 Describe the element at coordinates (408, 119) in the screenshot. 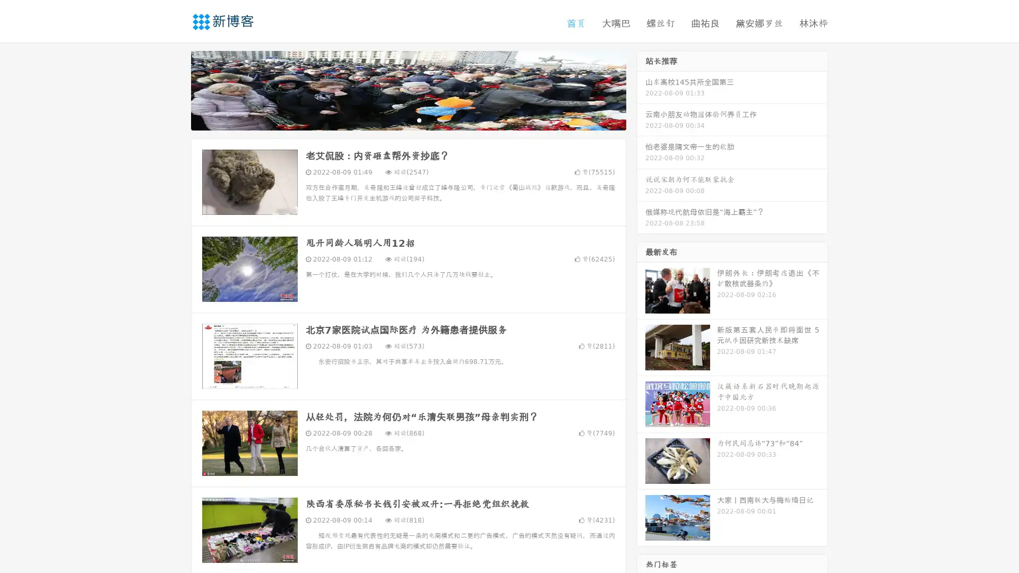

I see `Go to slide 2` at that location.